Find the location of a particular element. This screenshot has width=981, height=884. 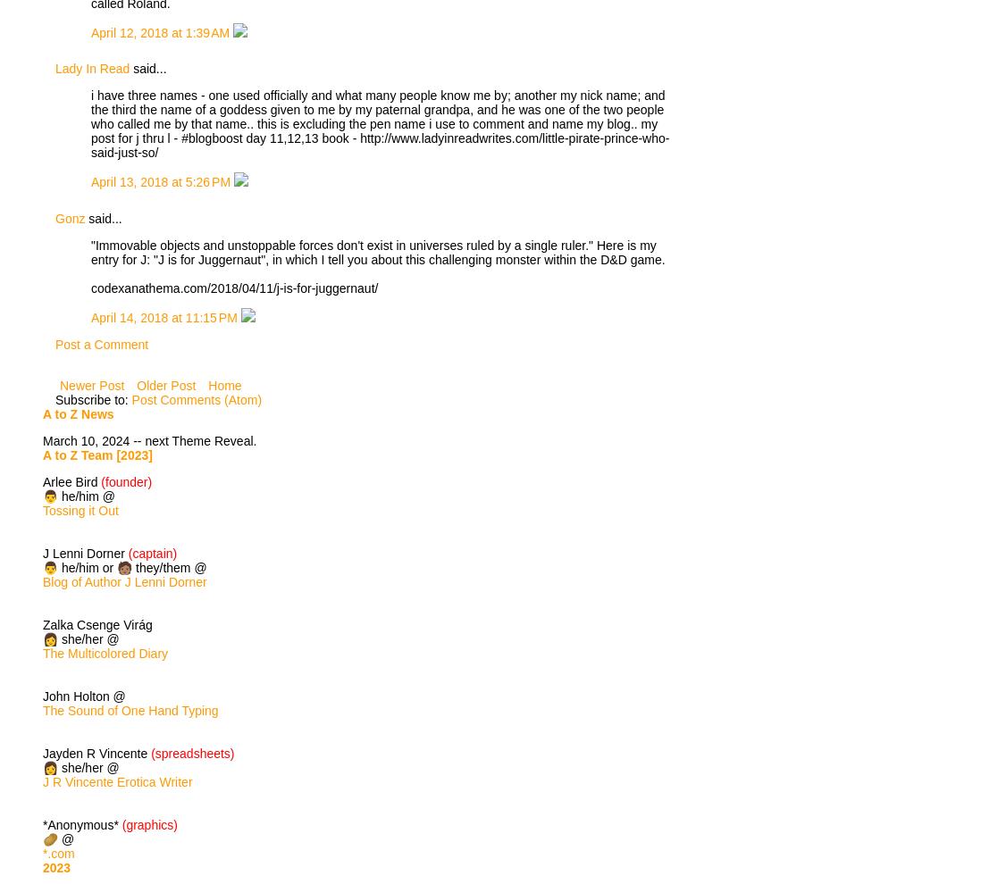

'*.com' is located at coordinates (57, 854).